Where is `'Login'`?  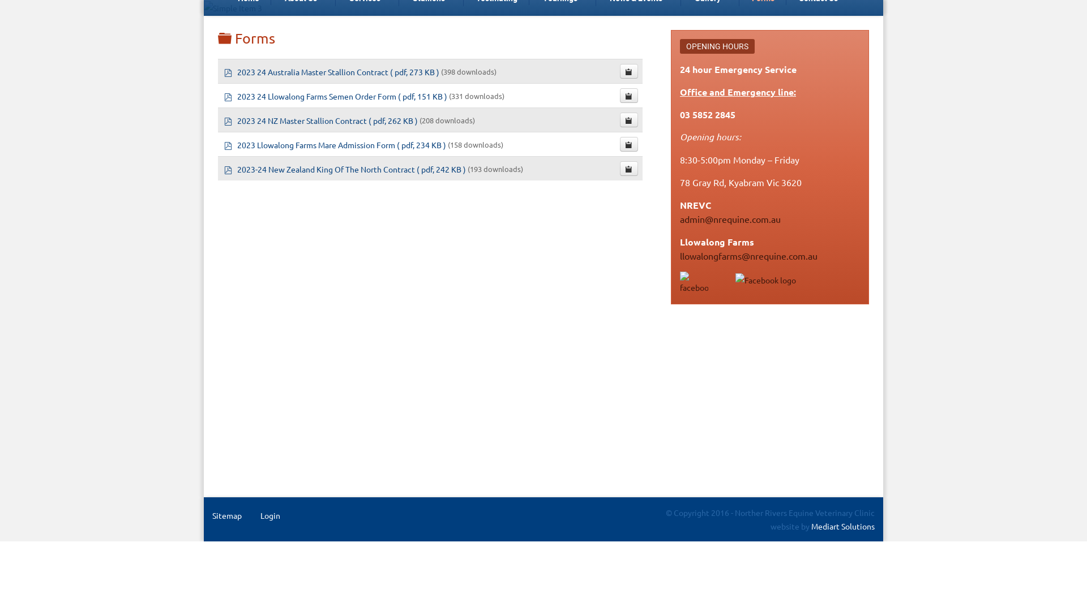
'Login' is located at coordinates (269, 515).